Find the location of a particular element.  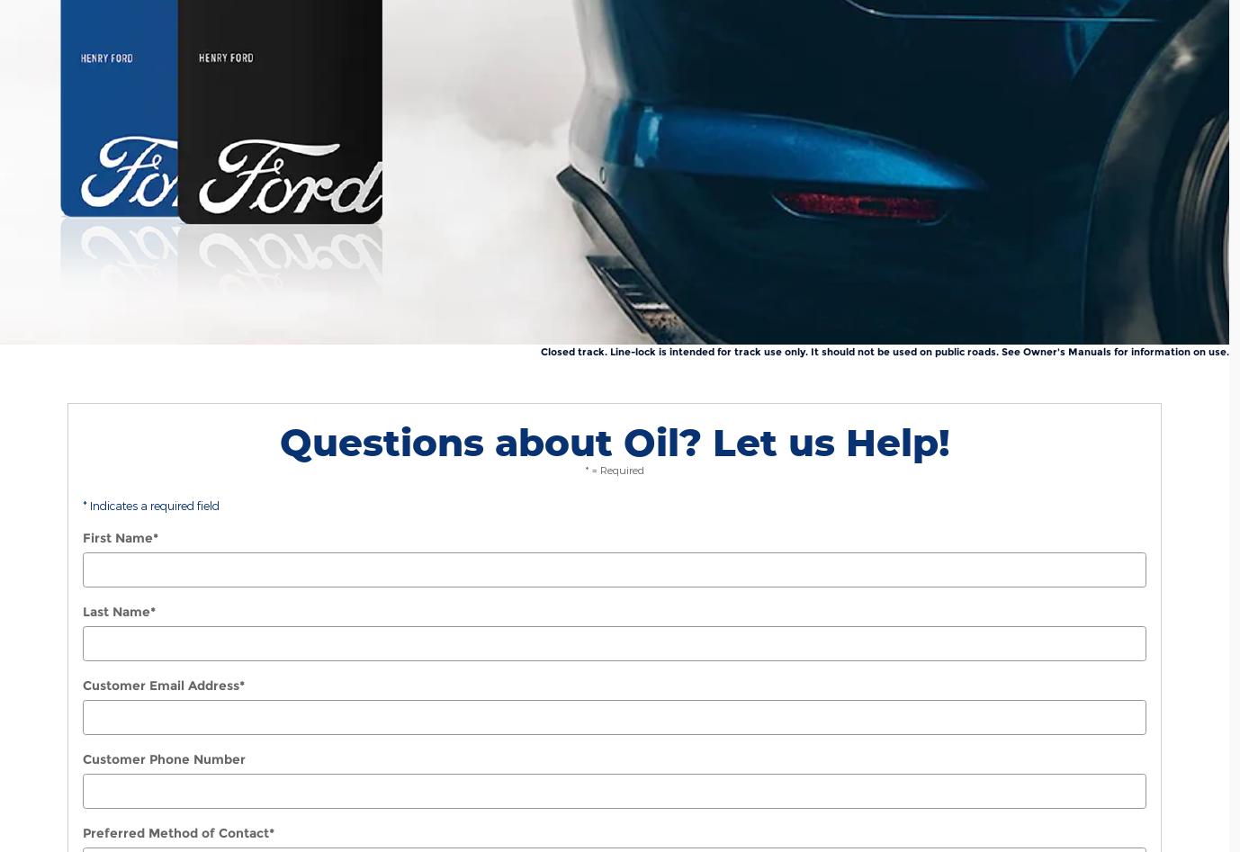

'Customer Phone Number' is located at coordinates (164, 758).